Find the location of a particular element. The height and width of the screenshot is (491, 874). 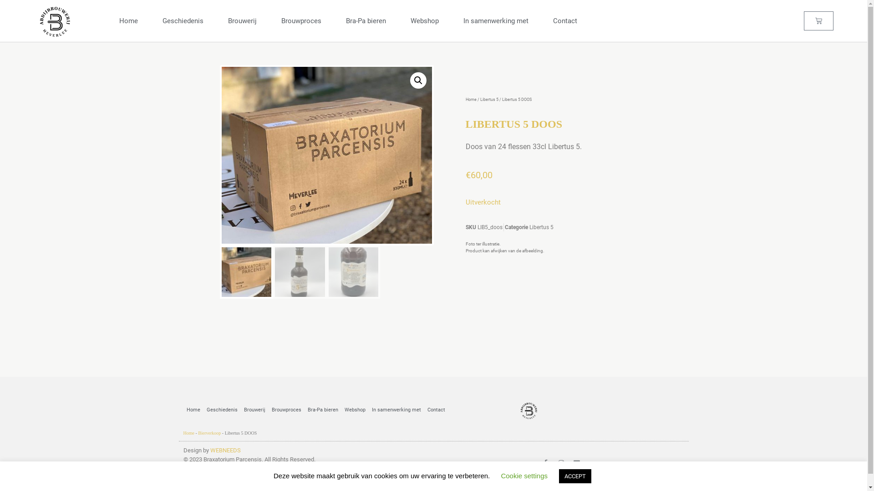

'Braxatorium_doos.jpeg' is located at coordinates (326, 155).